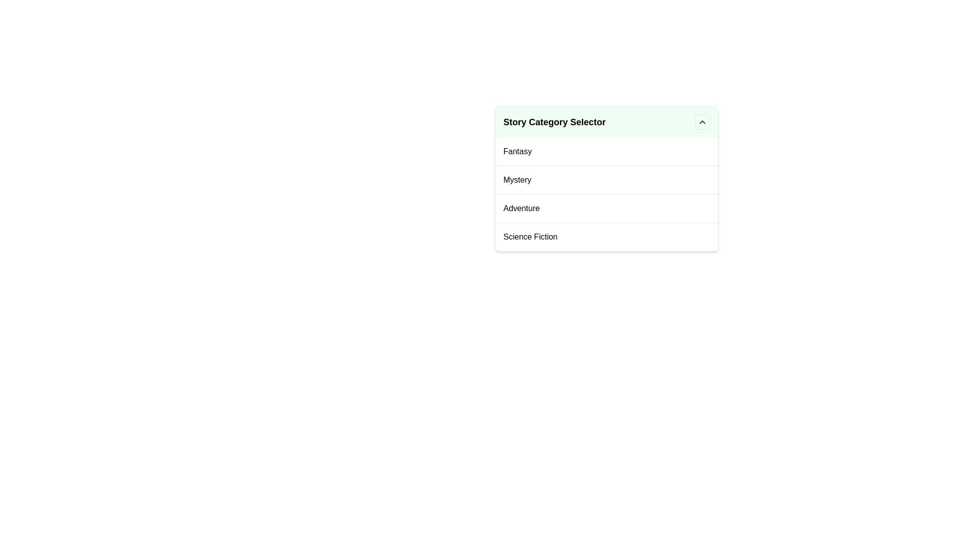  What do you see at coordinates (702, 122) in the screenshot?
I see `the small rounded button with an upward-facing chevron arrow in the top-right corner of the 'Story Category Selector' interface` at bounding box center [702, 122].